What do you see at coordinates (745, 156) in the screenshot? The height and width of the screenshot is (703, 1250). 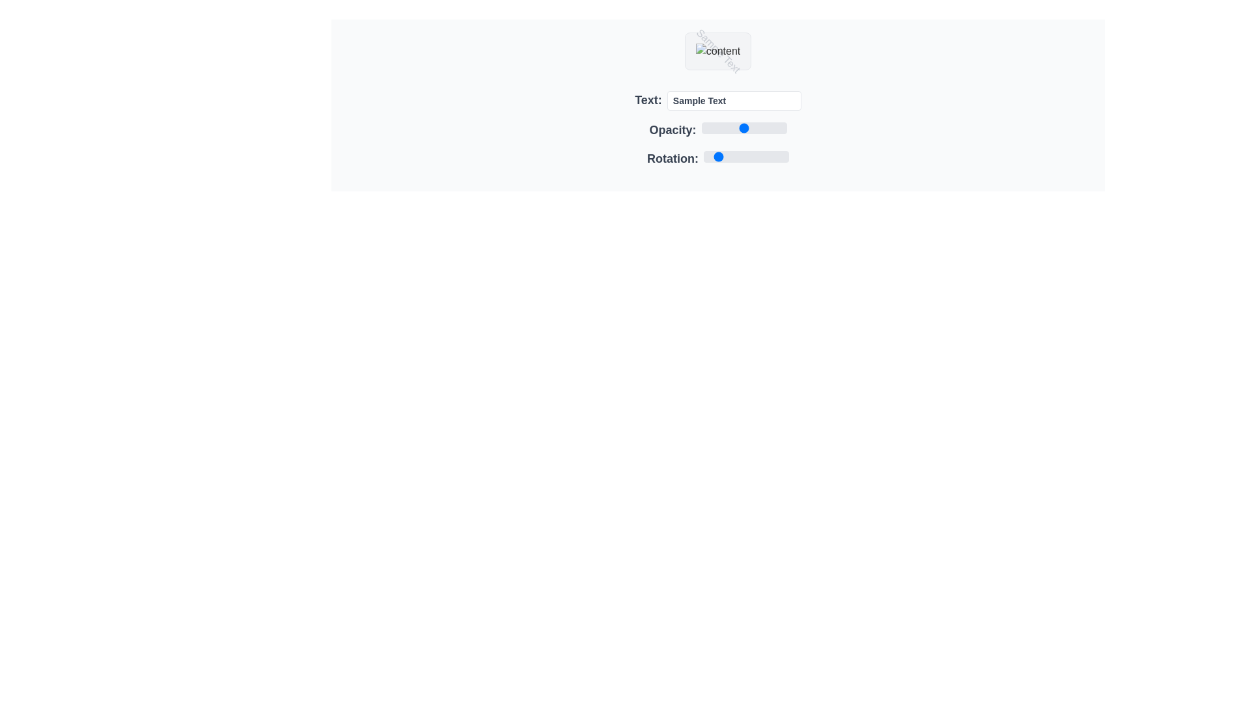 I see `the rotation slider` at bounding box center [745, 156].